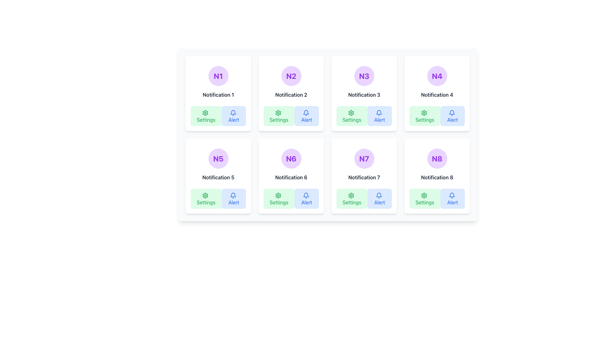 Image resolution: width=601 pixels, height=338 pixels. Describe the element at coordinates (352, 199) in the screenshot. I see `the 'Settings' button with a light green rectangular background and a gear icon located at the bottom left of the 'Notification 7' card` at that location.